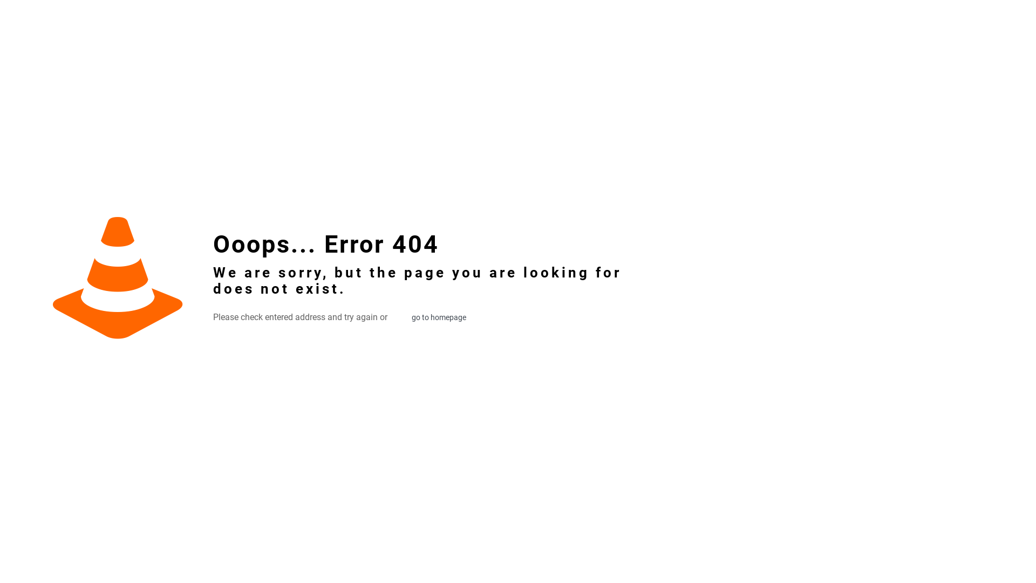 The image size is (1036, 583). Describe the element at coordinates (439, 316) in the screenshot. I see `'go to homepage'` at that location.